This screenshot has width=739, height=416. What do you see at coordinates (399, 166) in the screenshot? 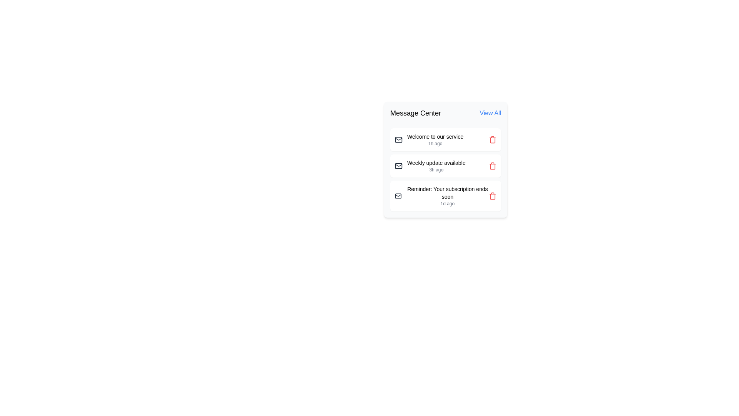
I see `the Decorative Graphic, which is a rectangular outline with rounded corners representing an envelope, located to the left of the 'Welcome to our service' text entry in the Message Center panel` at bounding box center [399, 166].